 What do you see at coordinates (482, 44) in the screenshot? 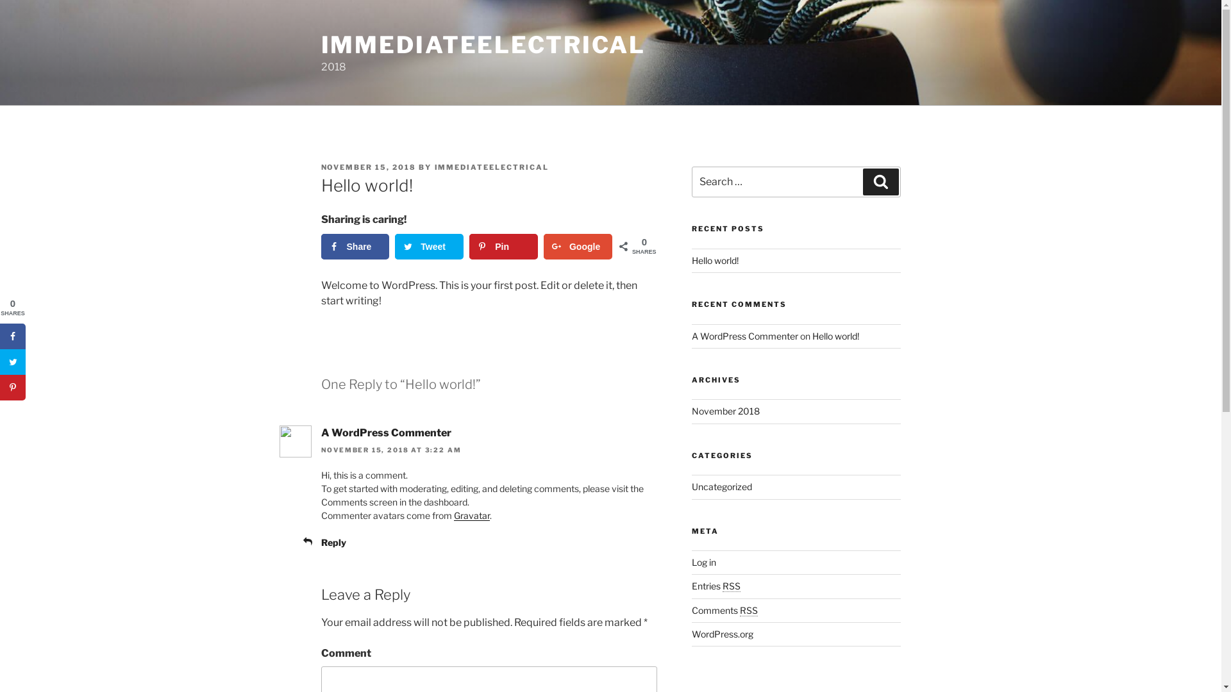
I see `'IMMEDIATEELECTRICAL'` at bounding box center [482, 44].